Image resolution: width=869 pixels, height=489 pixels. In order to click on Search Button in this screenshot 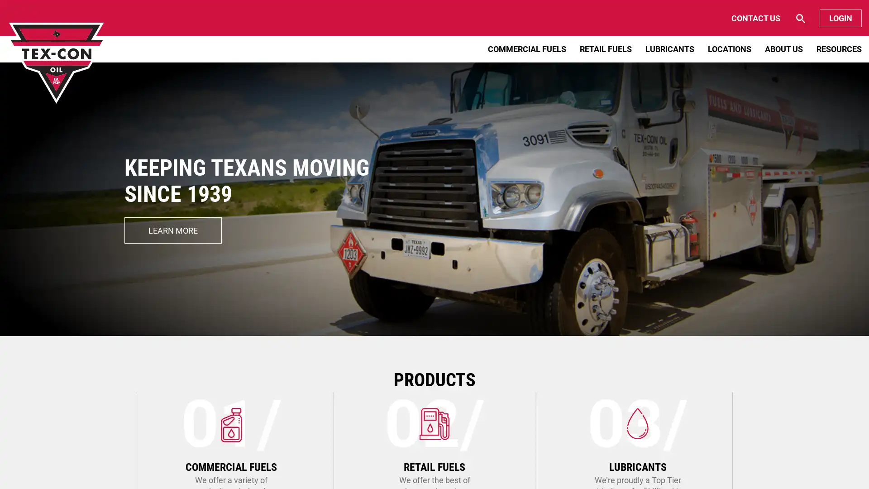, I will do `click(764, 18)`.